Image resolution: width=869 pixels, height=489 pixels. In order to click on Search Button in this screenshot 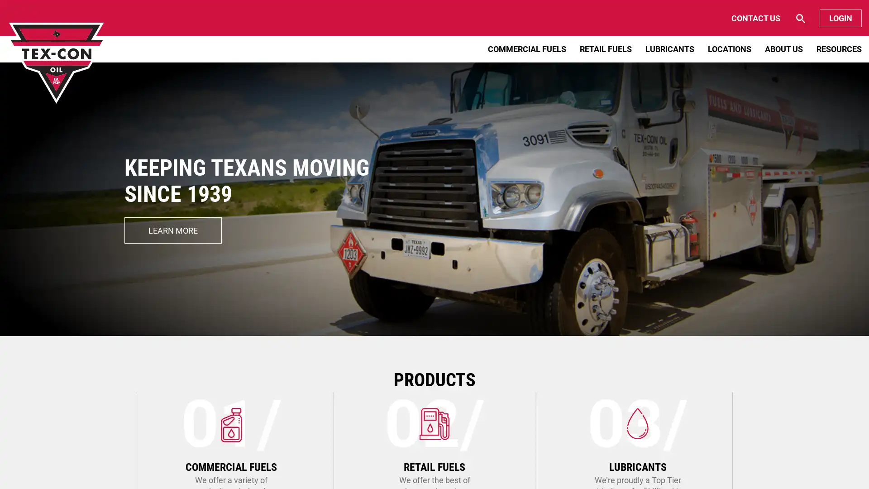, I will do `click(764, 18)`.